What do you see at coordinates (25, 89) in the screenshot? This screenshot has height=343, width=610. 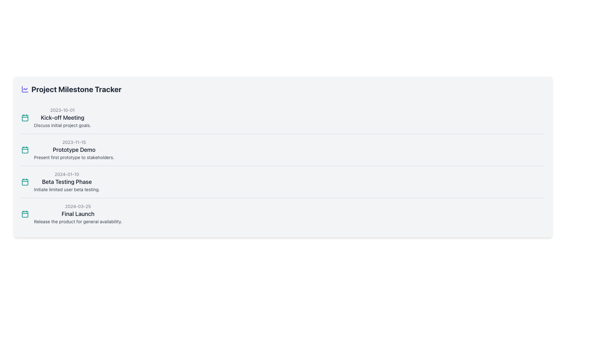 I see `the icon representing the project milestone tracker, located to the left of the 'Project Milestone Tracker' text in the section header` at bounding box center [25, 89].